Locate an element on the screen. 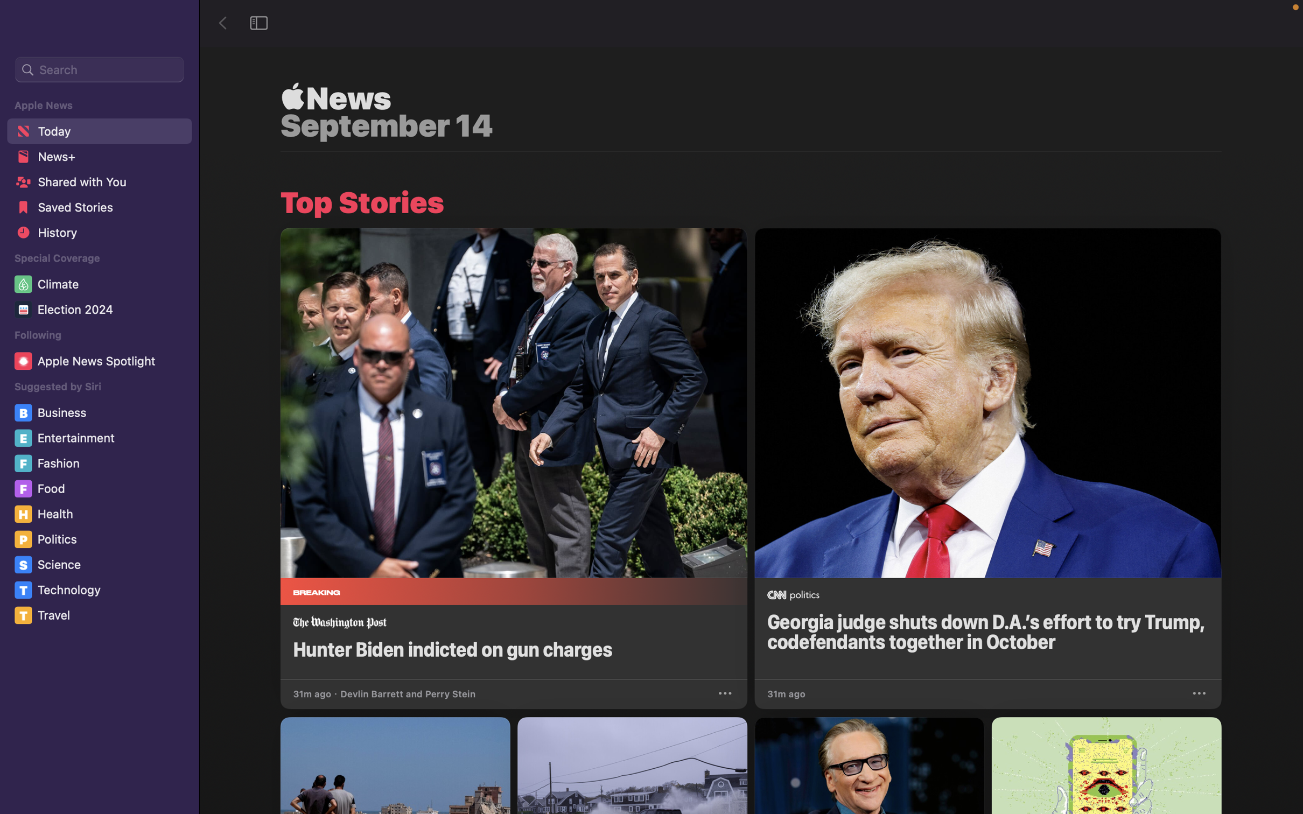 Image resolution: width=1303 pixels, height=814 pixels. the "Technology" category is located at coordinates (101, 590).